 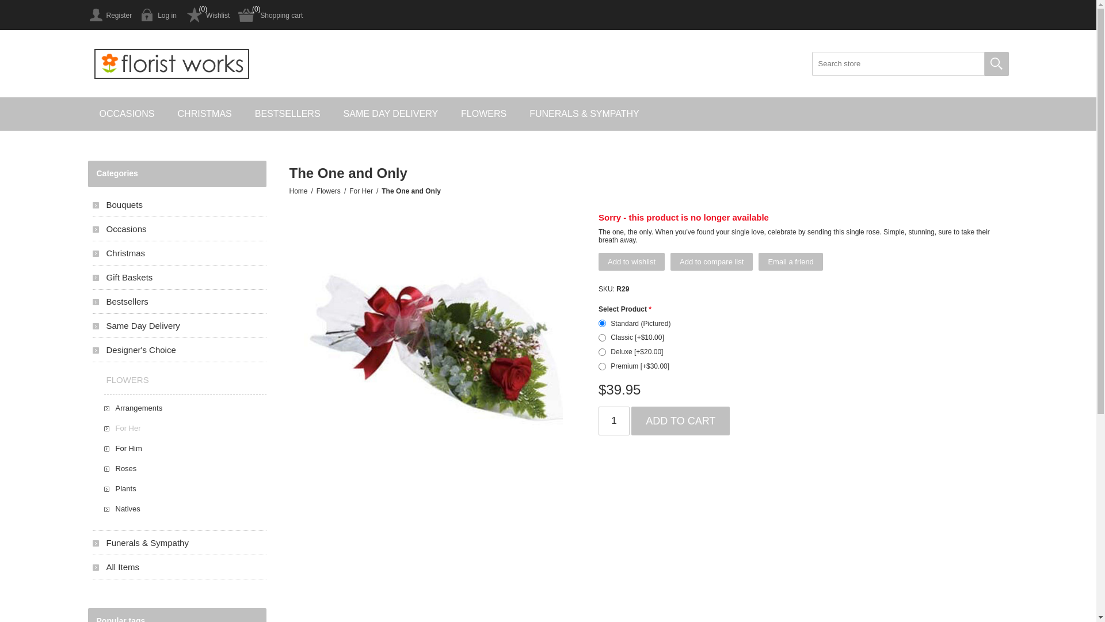 I want to click on 'Funerals & Sympathy', so click(x=178, y=543).